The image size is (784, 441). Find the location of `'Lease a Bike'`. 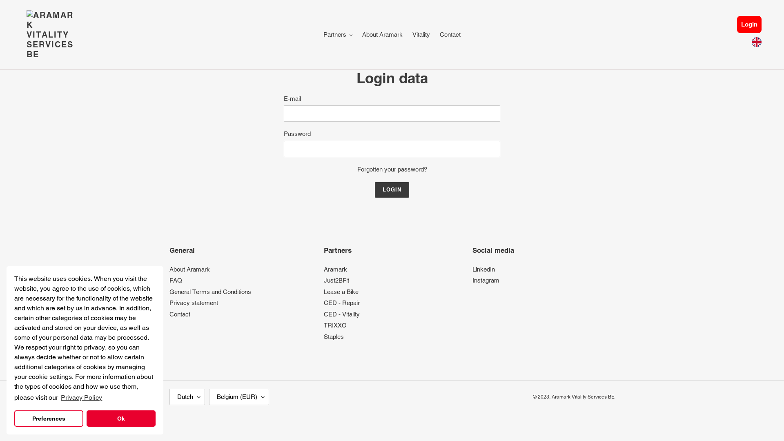

'Lease a Bike' is located at coordinates (341, 291).